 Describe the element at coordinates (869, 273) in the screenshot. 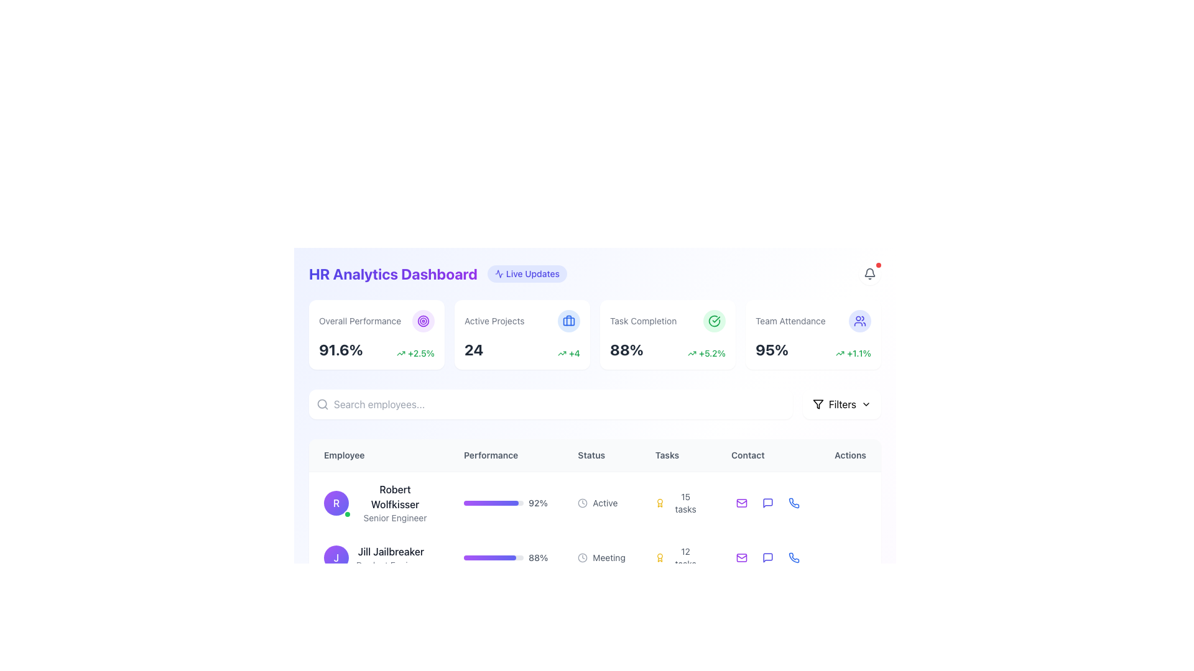

I see `the bell-shaped icon with a notification badge located in the top-right corner of the interface for accessibility actions` at that location.